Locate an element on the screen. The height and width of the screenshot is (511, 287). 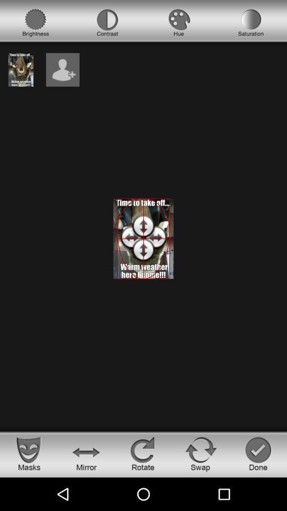
finish button is located at coordinates (258, 453).